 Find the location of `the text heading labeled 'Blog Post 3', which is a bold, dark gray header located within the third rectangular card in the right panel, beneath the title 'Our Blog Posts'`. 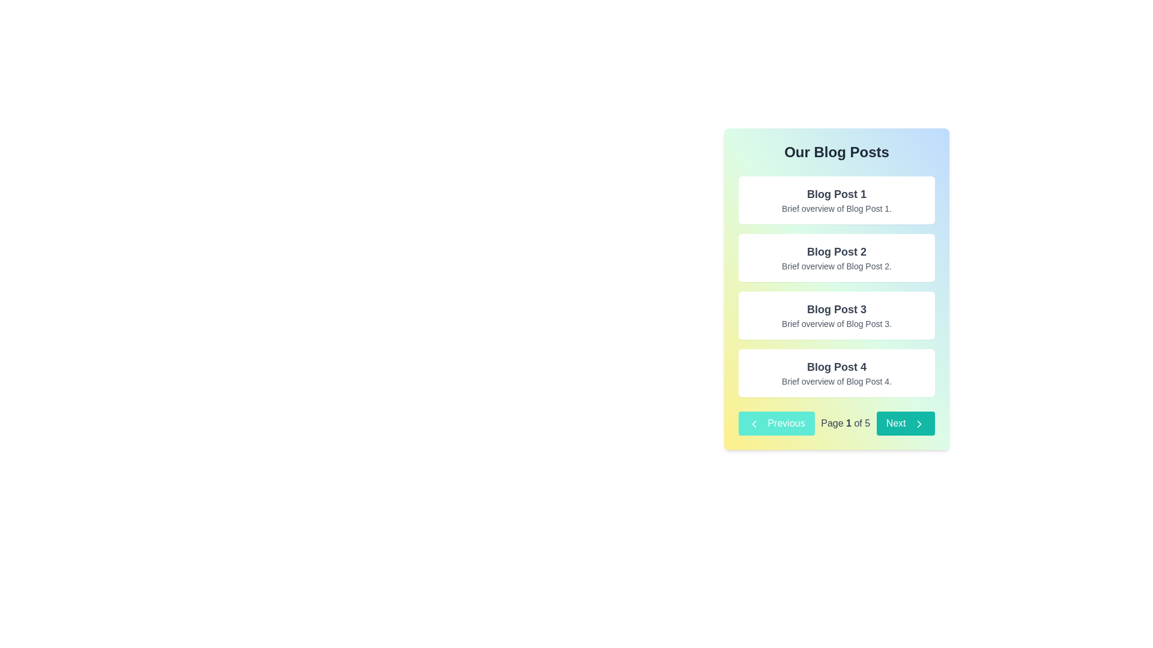

the text heading labeled 'Blog Post 3', which is a bold, dark gray header located within the third rectangular card in the right panel, beneath the title 'Our Blog Posts' is located at coordinates (836, 309).